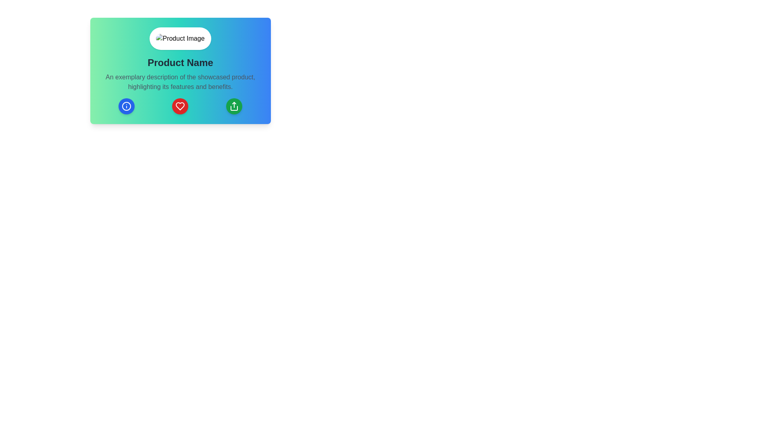 The height and width of the screenshot is (435, 774). What do you see at coordinates (180, 82) in the screenshot?
I see `the text block containing the phrase 'An exemplary description of the showcased product, highlighting its features and benefits', which is styled with a gray font and centered alignment, positioned below the 'Product Name' title` at bounding box center [180, 82].